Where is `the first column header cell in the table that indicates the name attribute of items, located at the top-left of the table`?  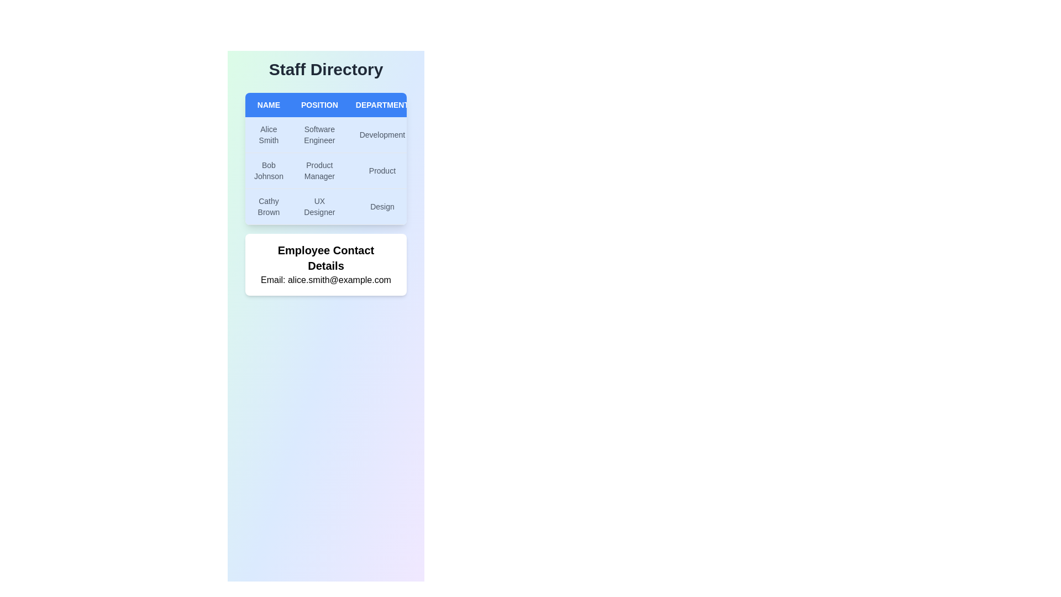 the first column header cell in the table that indicates the name attribute of items, located at the top-left of the table is located at coordinates (269, 104).